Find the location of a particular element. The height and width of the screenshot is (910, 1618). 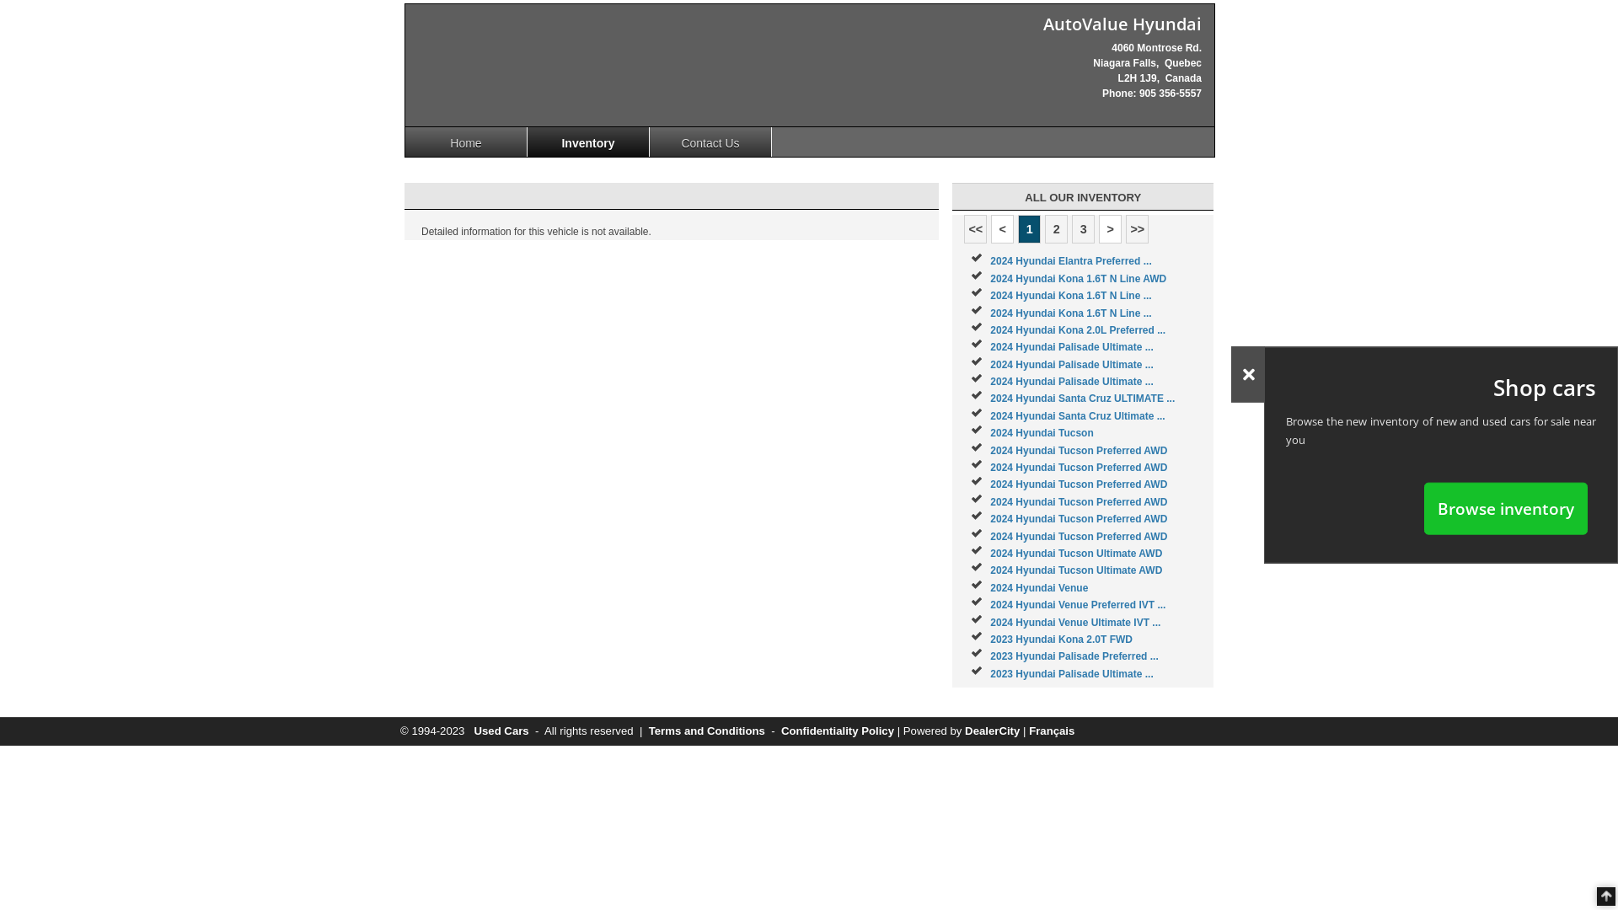

'2023 Hyundai Kona 2.0T FWD' is located at coordinates (1060, 640).